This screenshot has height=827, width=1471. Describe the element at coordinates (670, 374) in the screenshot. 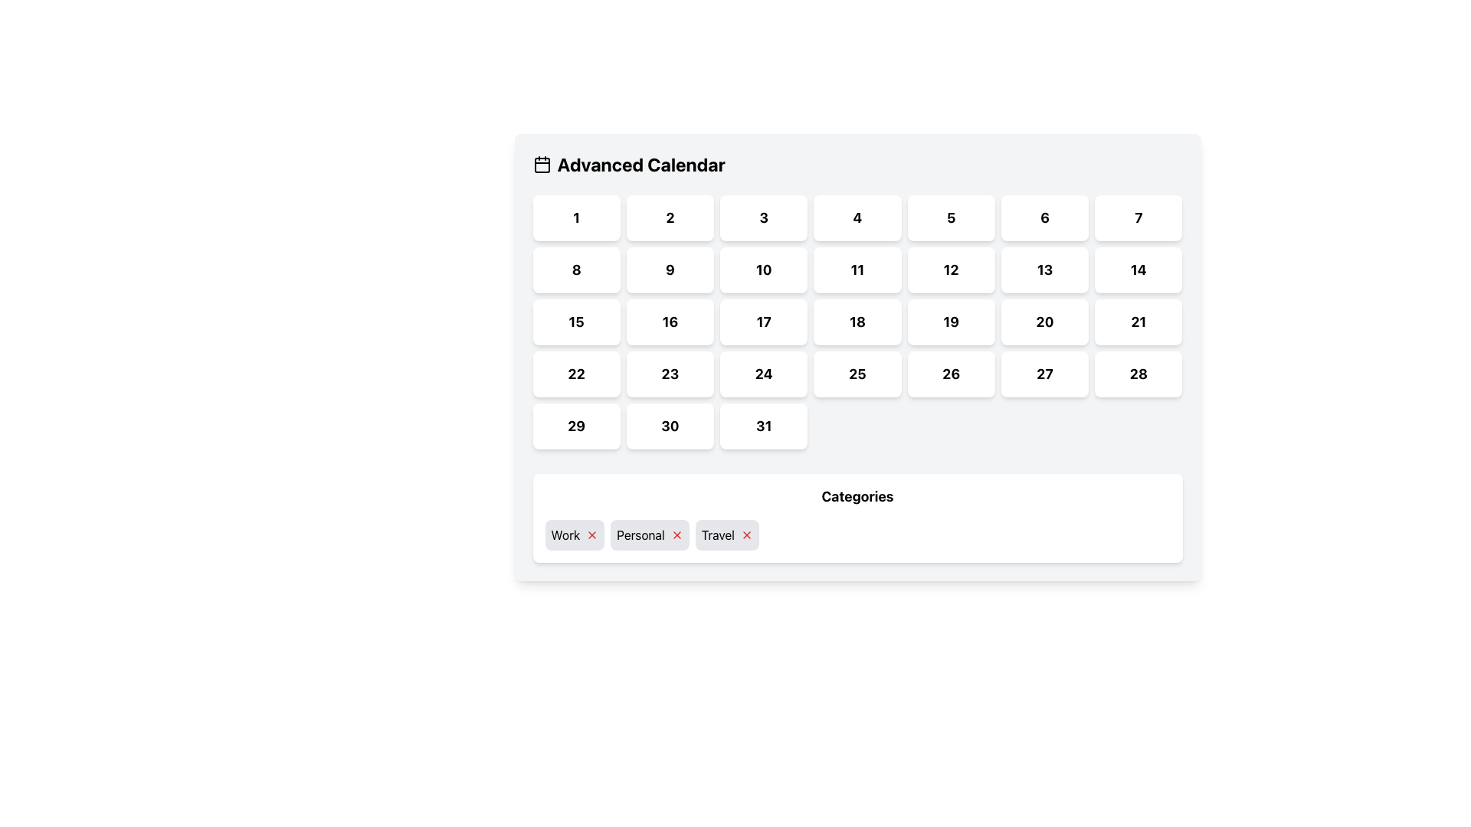

I see `the calendar day number '23'` at that location.